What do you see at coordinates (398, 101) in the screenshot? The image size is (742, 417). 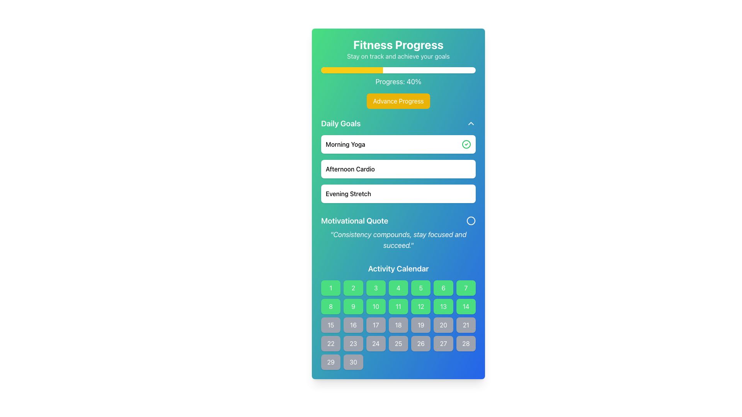 I see `the 'Advance Progress' button, which is a yellow rectangular button with bold white text, to observe its hover effects` at bounding box center [398, 101].